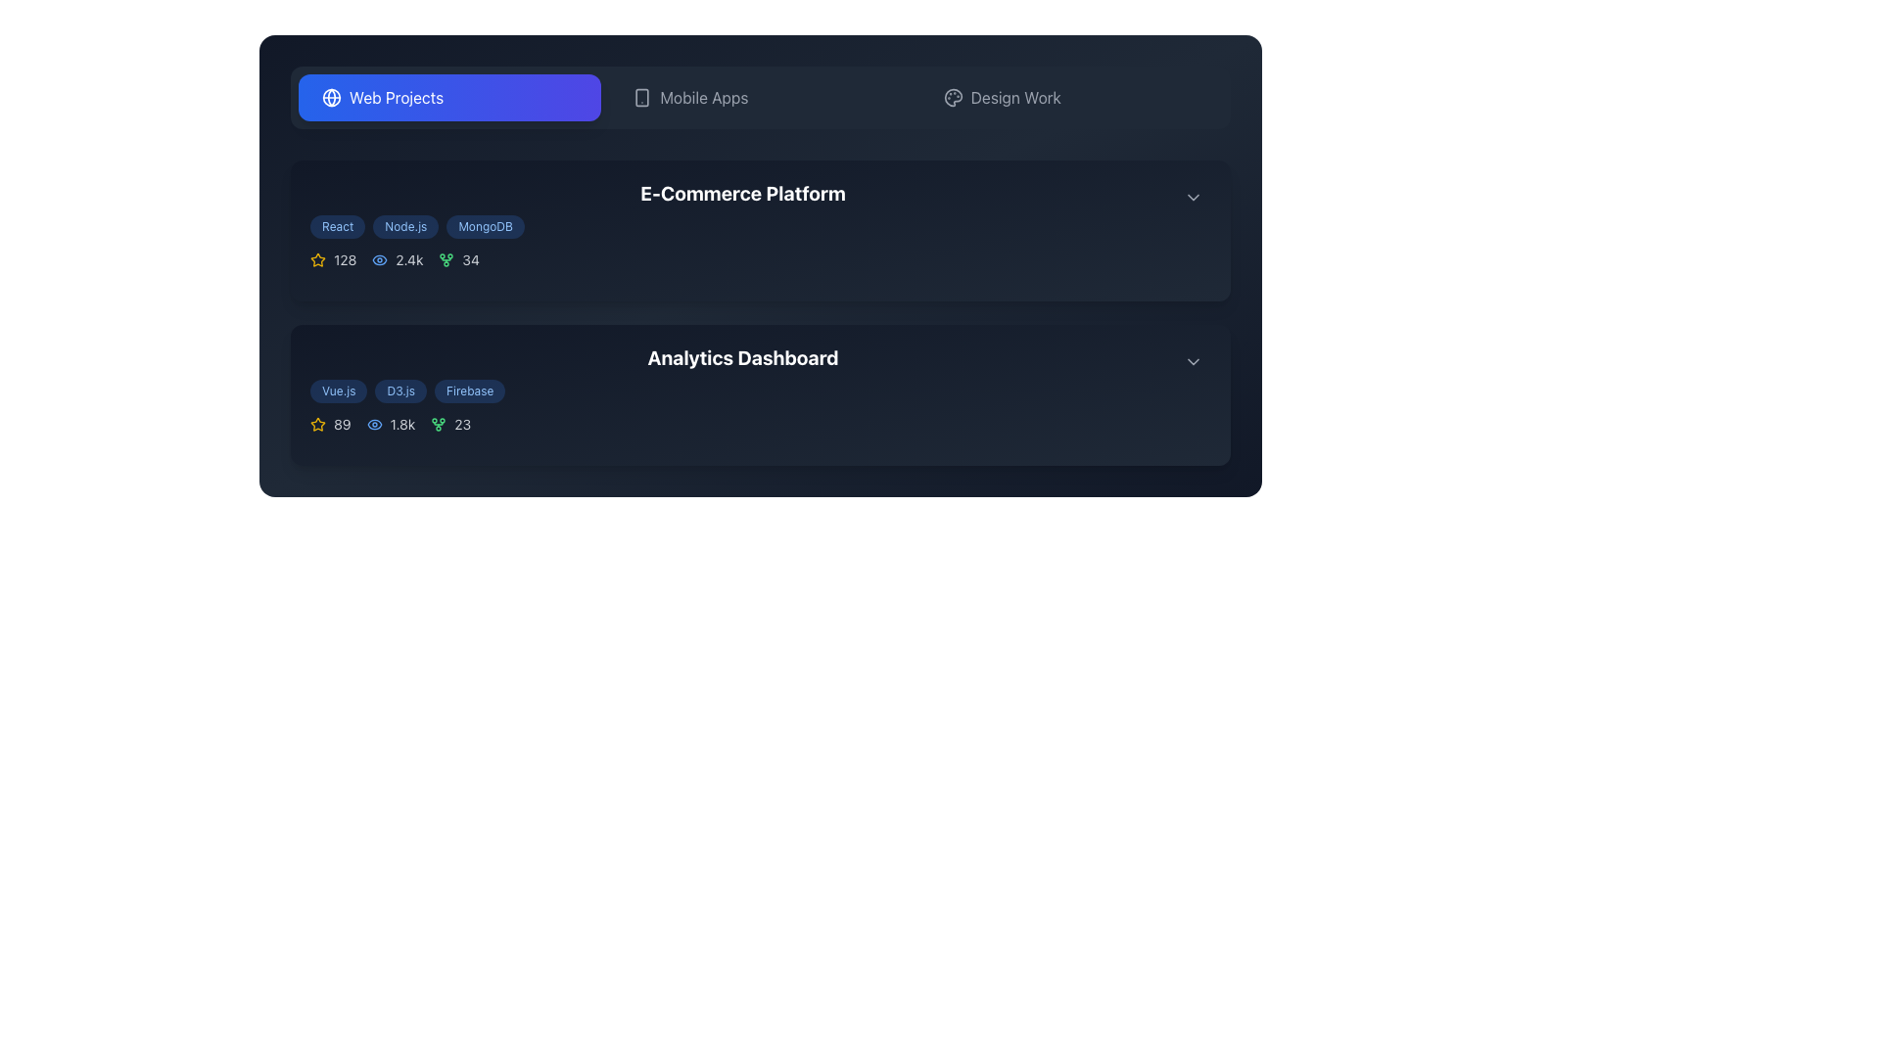 The image size is (1880, 1057). What do you see at coordinates (741, 358) in the screenshot?
I see `content displayed in the prominent 'Analytics Dashboard' text label, which is bold and large-sized, located on a dark background` at bounding box center [741, 358].